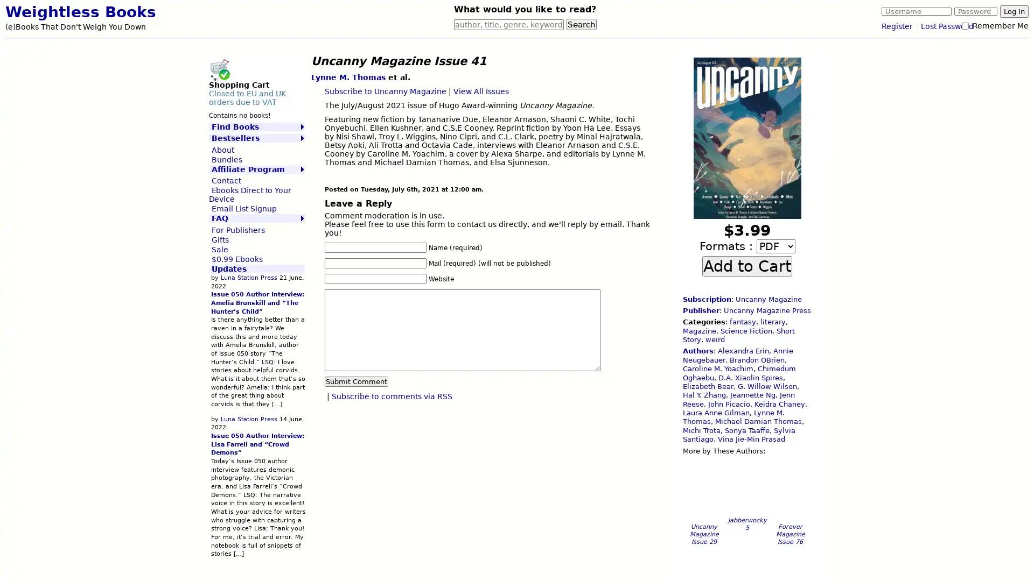  Describe the element at coordinates (581, 24) in the screenshot. I see `Search` at that location.